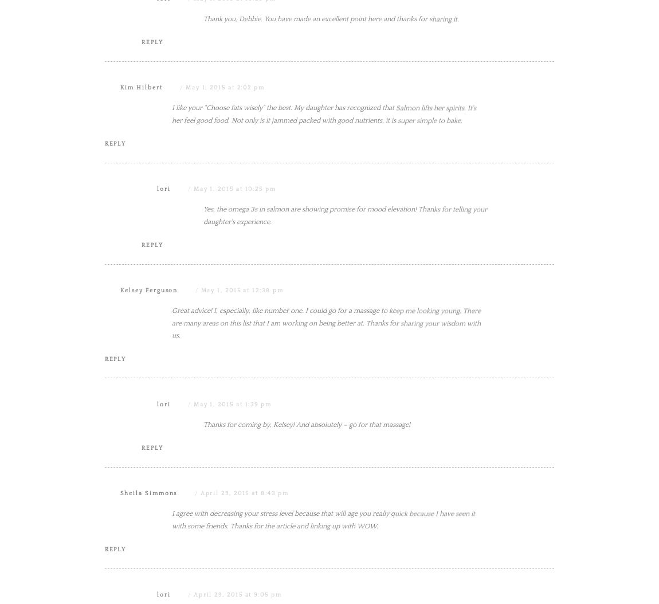 This screenshot has height=604, width=659. Describe the element at coordinates (193, 519) in the screenshot. I see `'May 1, 2015 at 1:39 pm'` at that location.